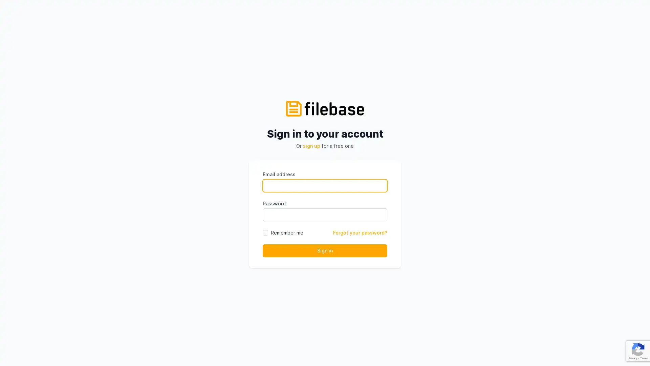 The image size is (650, 366). Describe the element at coordinates (633, 349) in the screenshot. I see `Open Intercom Messenger` at that location.